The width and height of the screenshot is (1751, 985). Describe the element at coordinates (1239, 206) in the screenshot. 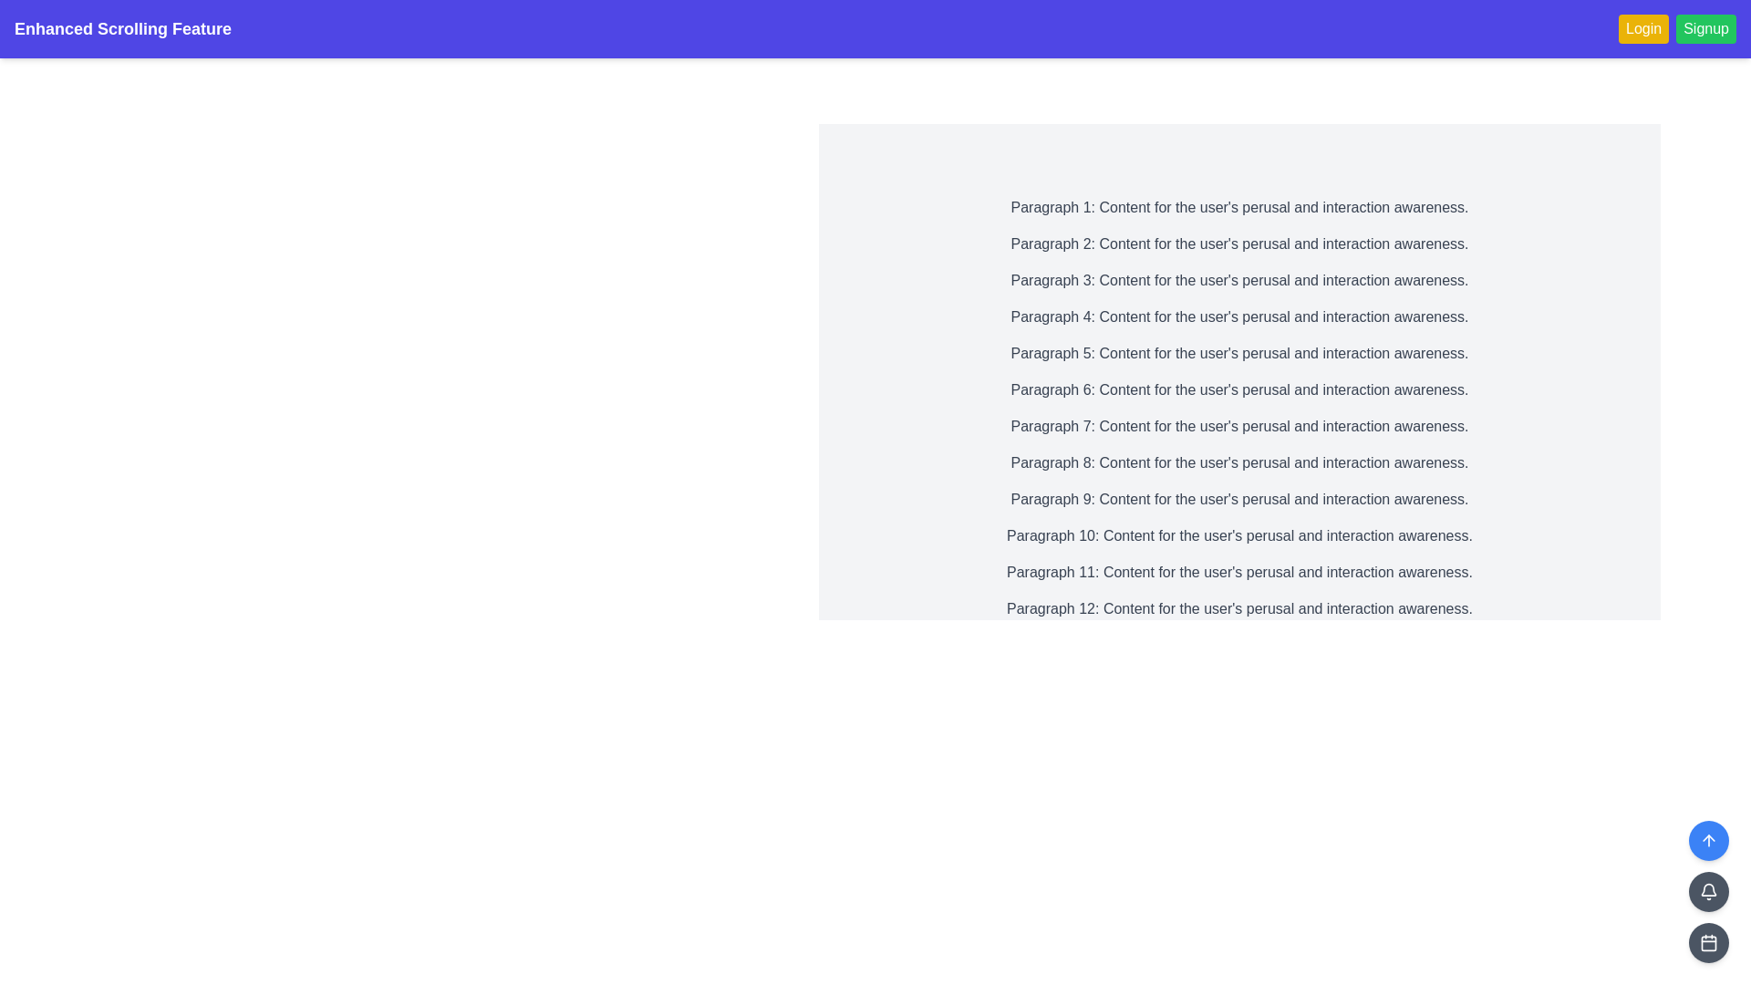

I see `the first paragraph element containing the text 'Paragraph 1: Content for the user's perusal and interaction awareness.'` at that location.